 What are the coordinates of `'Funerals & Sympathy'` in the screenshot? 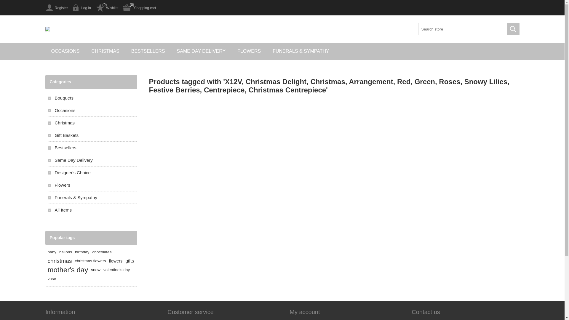 It's located at (92, 197).